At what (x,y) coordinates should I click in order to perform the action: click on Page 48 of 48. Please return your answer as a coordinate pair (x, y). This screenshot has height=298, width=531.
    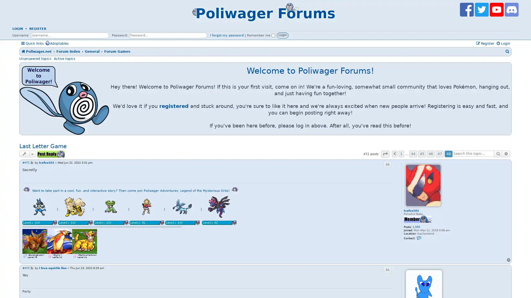
    Looking at the image, I should click on (385, 154).